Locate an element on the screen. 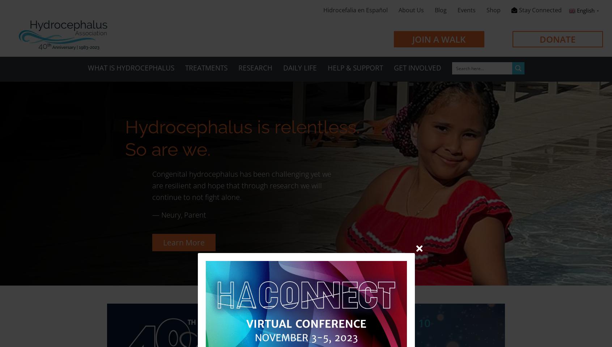  'Daily Life' is located at coordinates (299, 68).